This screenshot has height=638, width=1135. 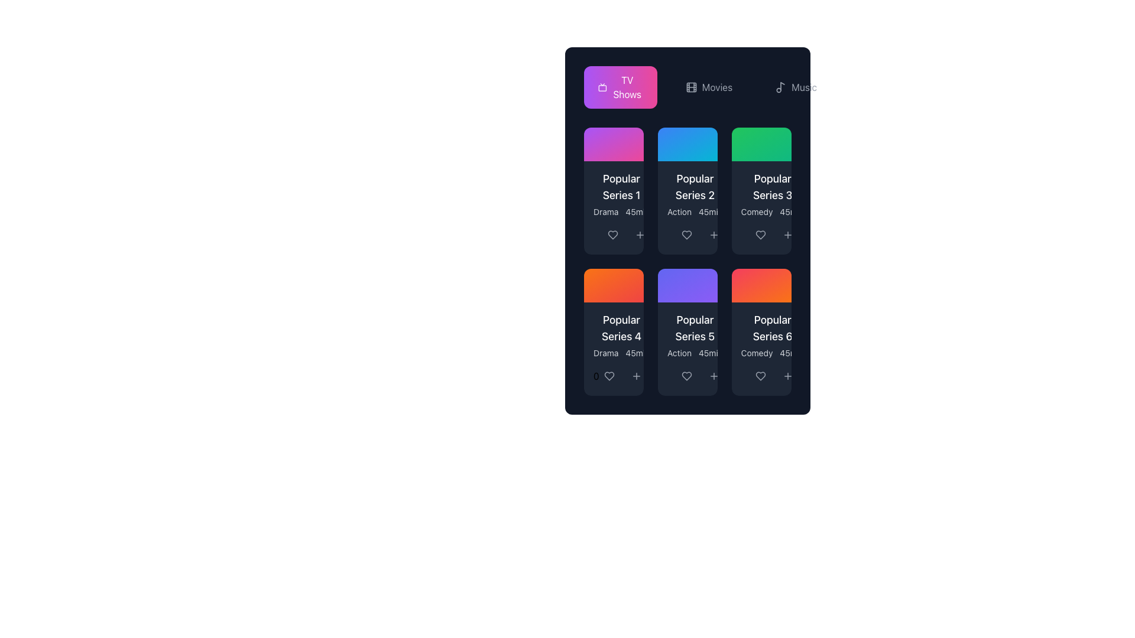 What do you see at coordinates (761, 335) in the screenshot?
I see `the sixth series card in the bottom-right corner of the grid layout that displays information about the series, including its title, category, and duration` at bounding box center [761, 335].